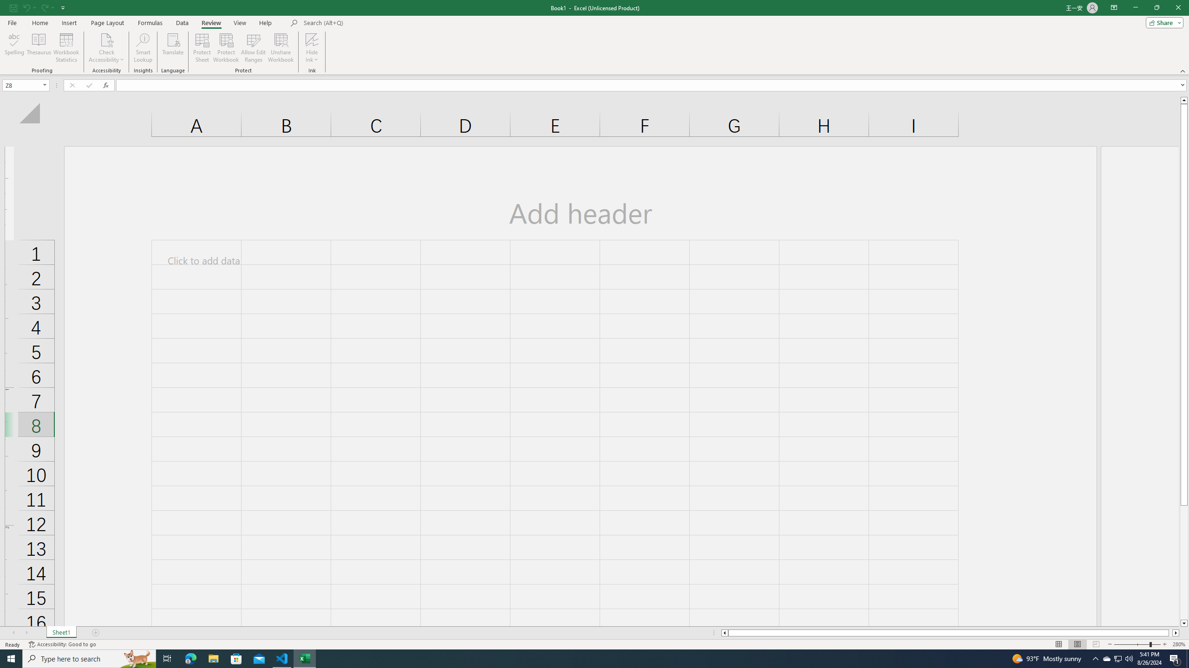  Describe the element at coordinates (63, 7) in the screenshot. I see `'Customize Quick Access Toolbar'` at that location.